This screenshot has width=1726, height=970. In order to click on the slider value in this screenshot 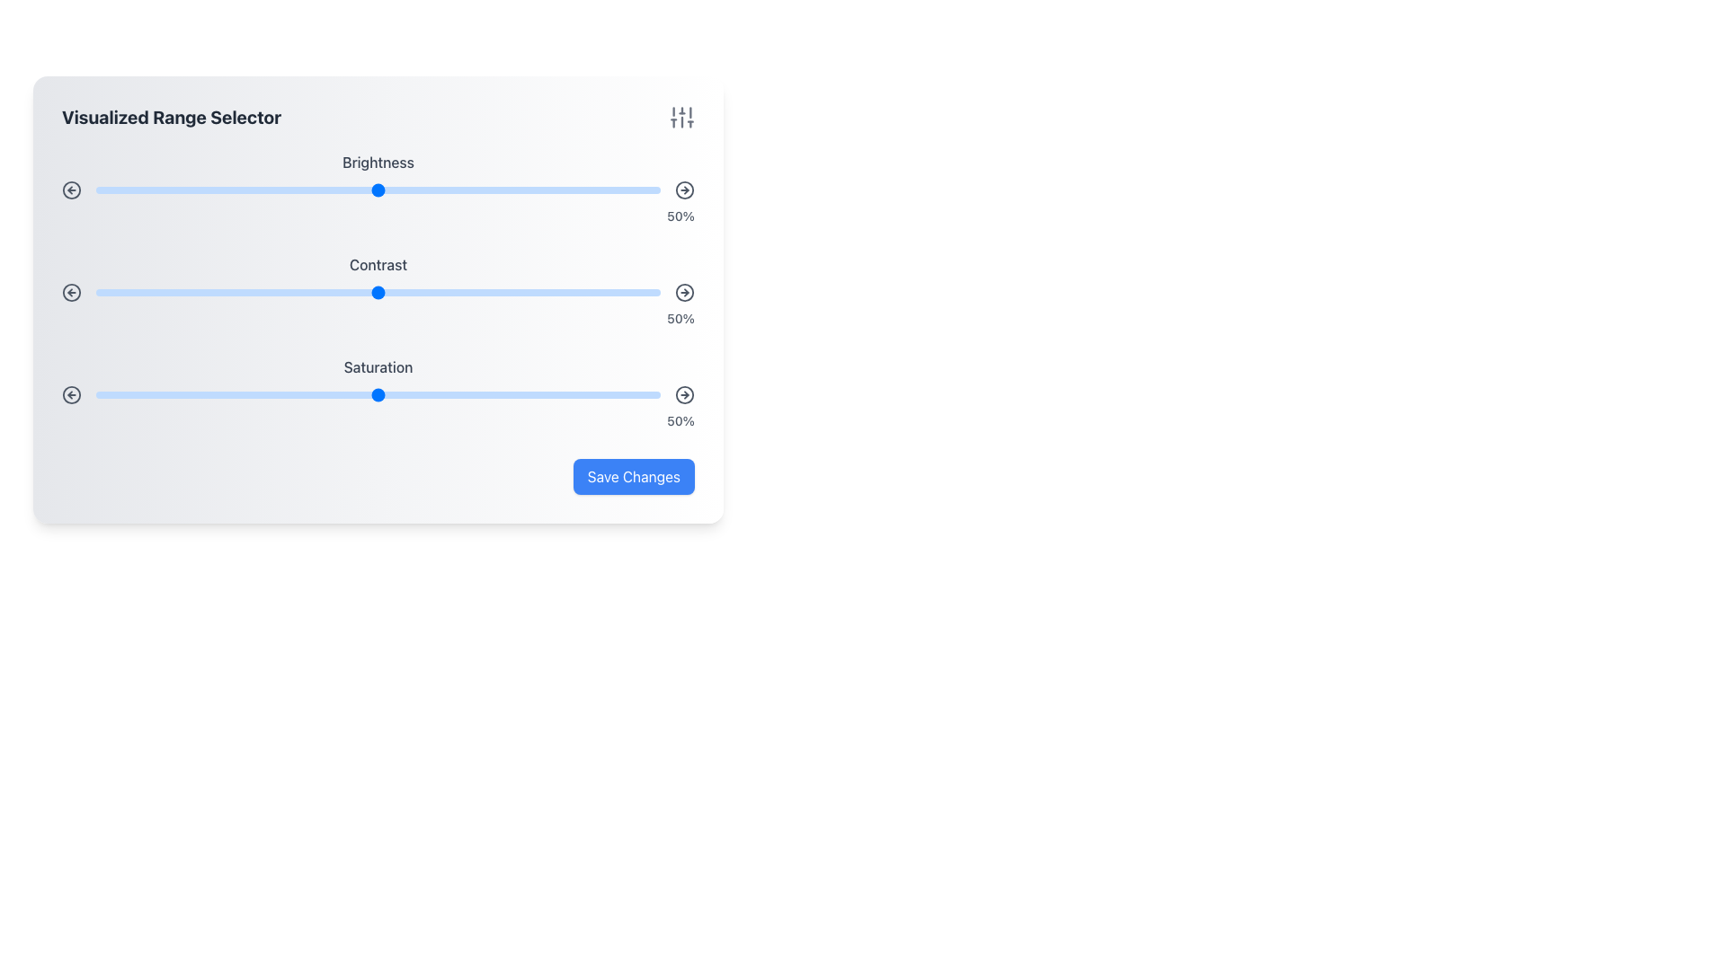, I will do `click(604, 393)`.